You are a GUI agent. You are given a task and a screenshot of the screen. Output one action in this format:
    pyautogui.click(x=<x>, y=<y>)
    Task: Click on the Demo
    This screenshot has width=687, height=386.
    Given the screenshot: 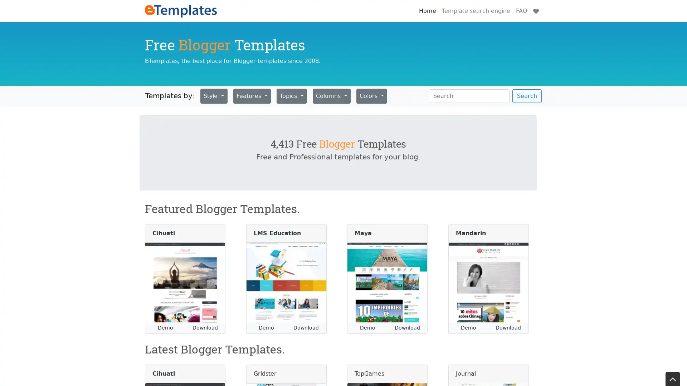 What is the action you would take?
    pyautogui.click(x=367, y=327)
    